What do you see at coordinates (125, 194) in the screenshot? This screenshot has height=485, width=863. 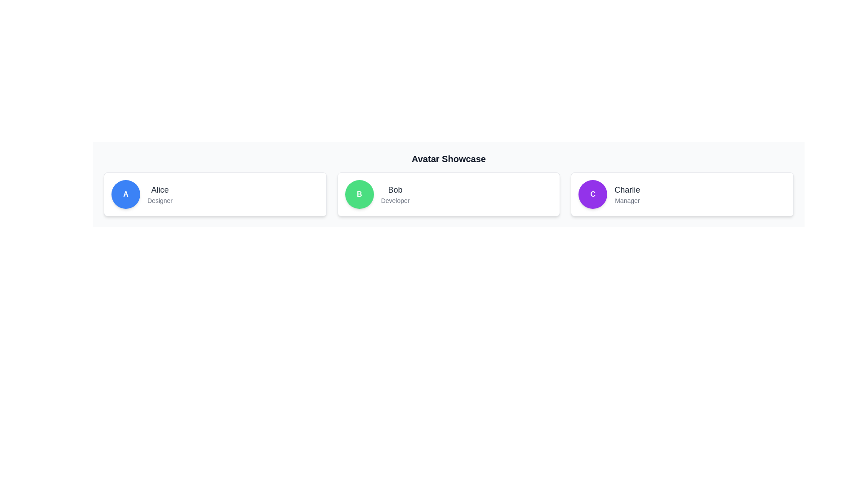 I see `the user avatar icon for 'Alice Designer'` at bounding box center [125, 194].